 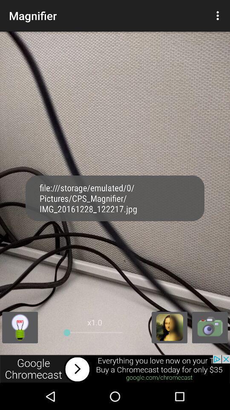 I want to click on for advertisement, so click(x=115, y=369).